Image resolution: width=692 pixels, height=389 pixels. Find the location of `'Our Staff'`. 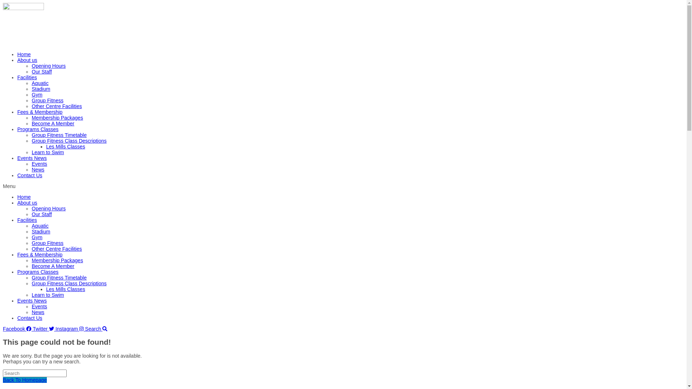

'Our Staff' is located at coordinates (41, 214).